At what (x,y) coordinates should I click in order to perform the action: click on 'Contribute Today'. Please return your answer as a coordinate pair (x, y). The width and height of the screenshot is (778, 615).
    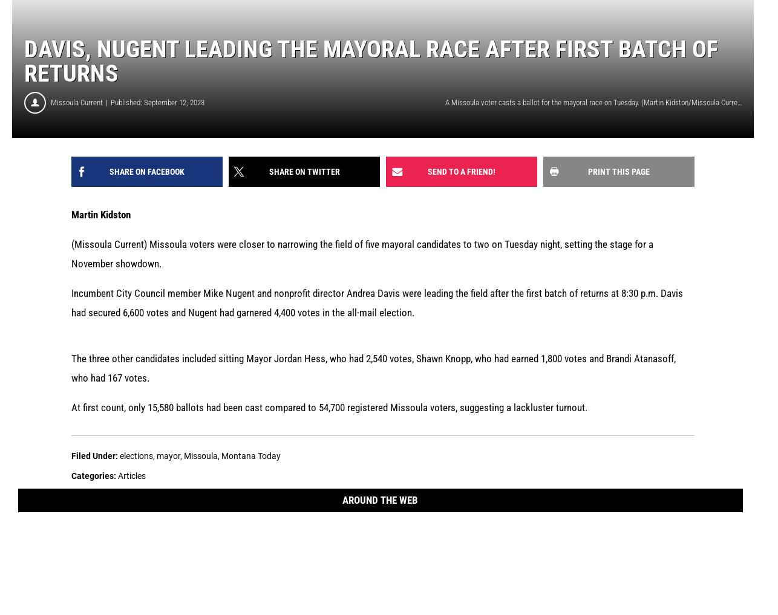
    Looking at the image, I should click on (485, 552).